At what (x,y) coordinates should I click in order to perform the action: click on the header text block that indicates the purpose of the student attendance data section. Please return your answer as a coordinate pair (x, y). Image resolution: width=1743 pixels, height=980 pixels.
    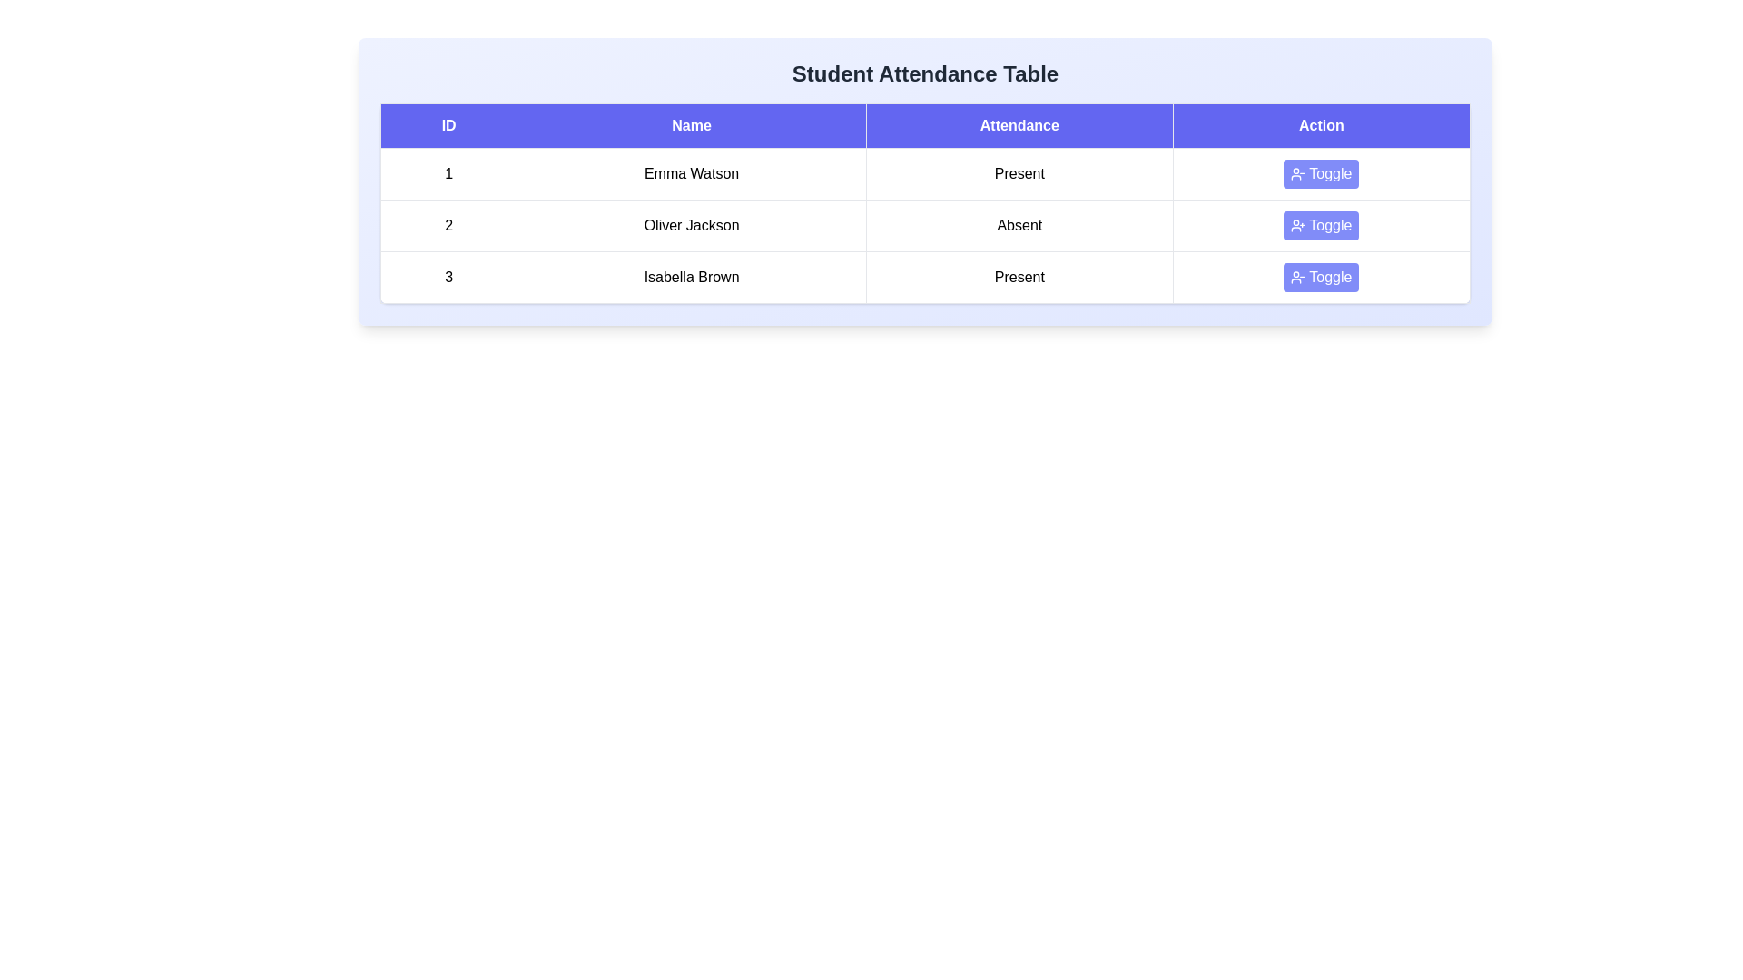
    Looking at the image, I should click on (925, 73).